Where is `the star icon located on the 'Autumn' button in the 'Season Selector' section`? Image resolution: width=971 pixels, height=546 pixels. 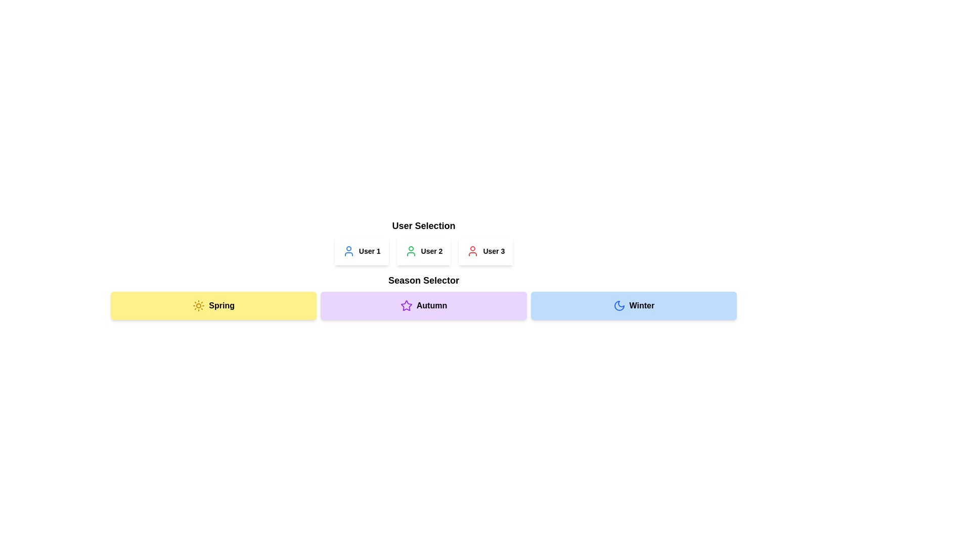 the star icon located on the 'Autumn' button in the 'Season Selector' section is located at coordinates (406, 305).